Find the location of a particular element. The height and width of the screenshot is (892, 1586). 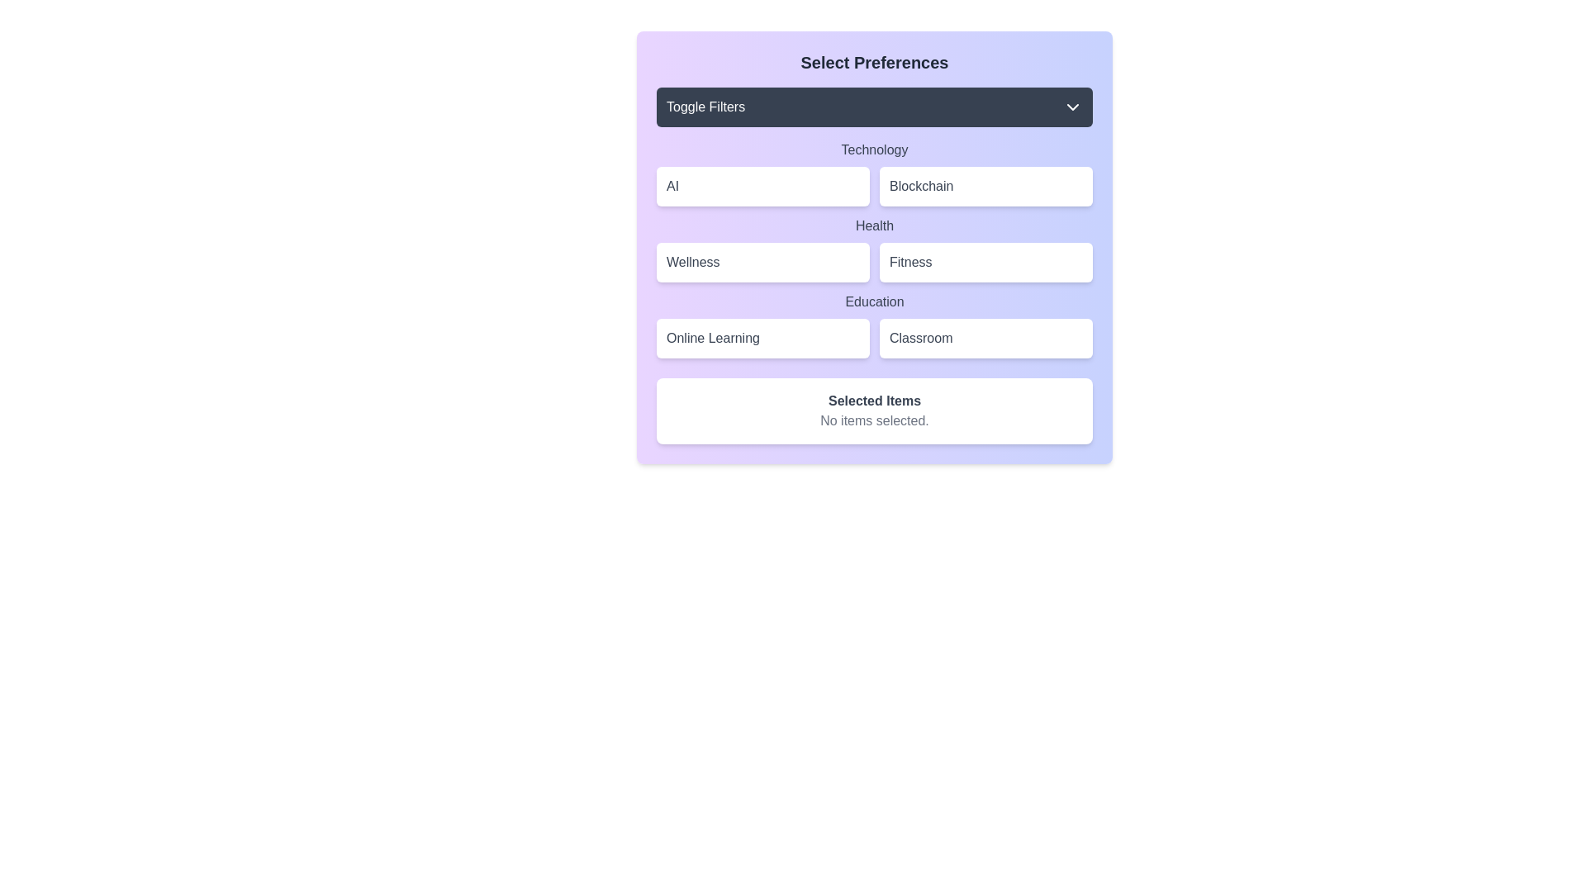

the static text label that serves as a heading for technology categories, located above the grid containing 'AI' and 'Blockchain' is located at coordinates (874, 149).